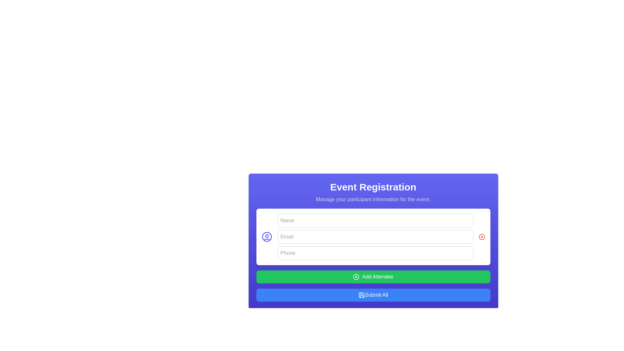 The height and width of the screenshot is (351, 624). Describe the element at coordinates (356, 277) in the screenshot. I see `the icon representing the action of adding an attendee located to the left of the 'Add Attendee' text within the green button in the Event Registration form` at that location.